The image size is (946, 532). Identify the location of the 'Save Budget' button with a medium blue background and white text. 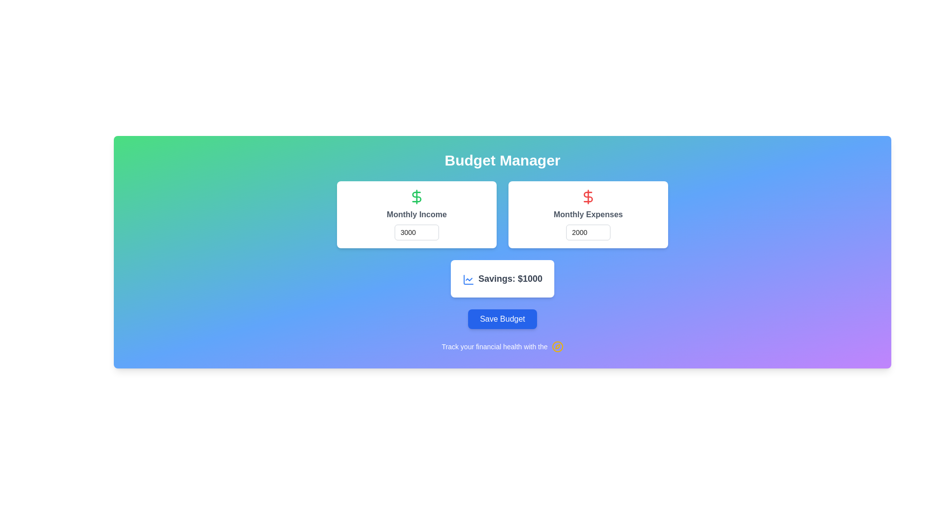
(502, 319).